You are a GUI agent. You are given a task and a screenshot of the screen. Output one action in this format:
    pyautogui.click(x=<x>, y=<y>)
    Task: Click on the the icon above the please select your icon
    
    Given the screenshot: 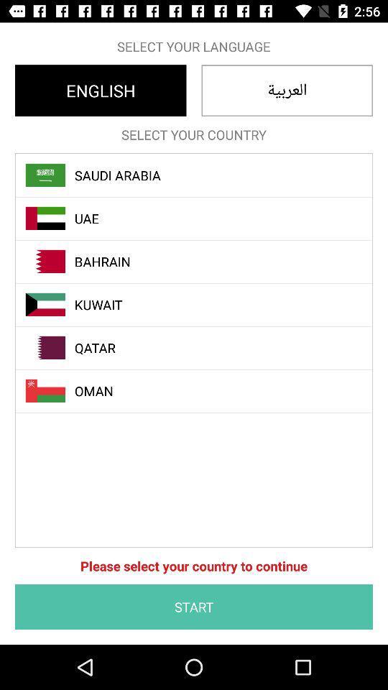 What is the action you would take?
    pyautogui.click(x=201, y=391)
    